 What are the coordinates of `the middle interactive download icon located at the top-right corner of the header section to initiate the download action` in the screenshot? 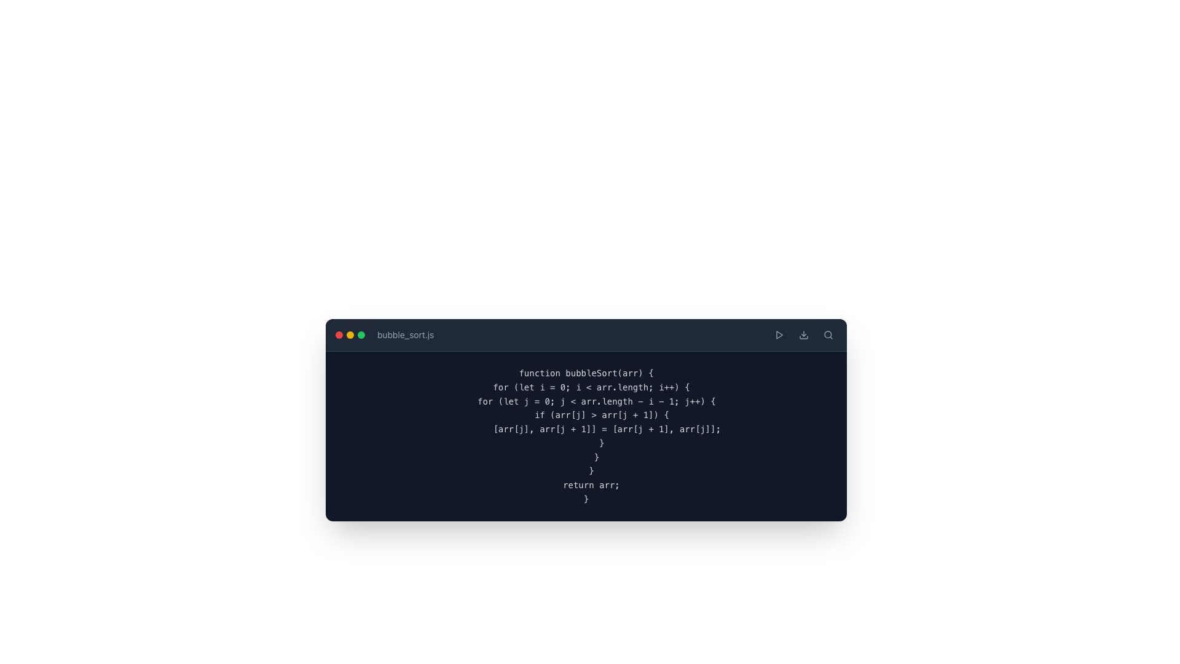 It's located at (804, 334).